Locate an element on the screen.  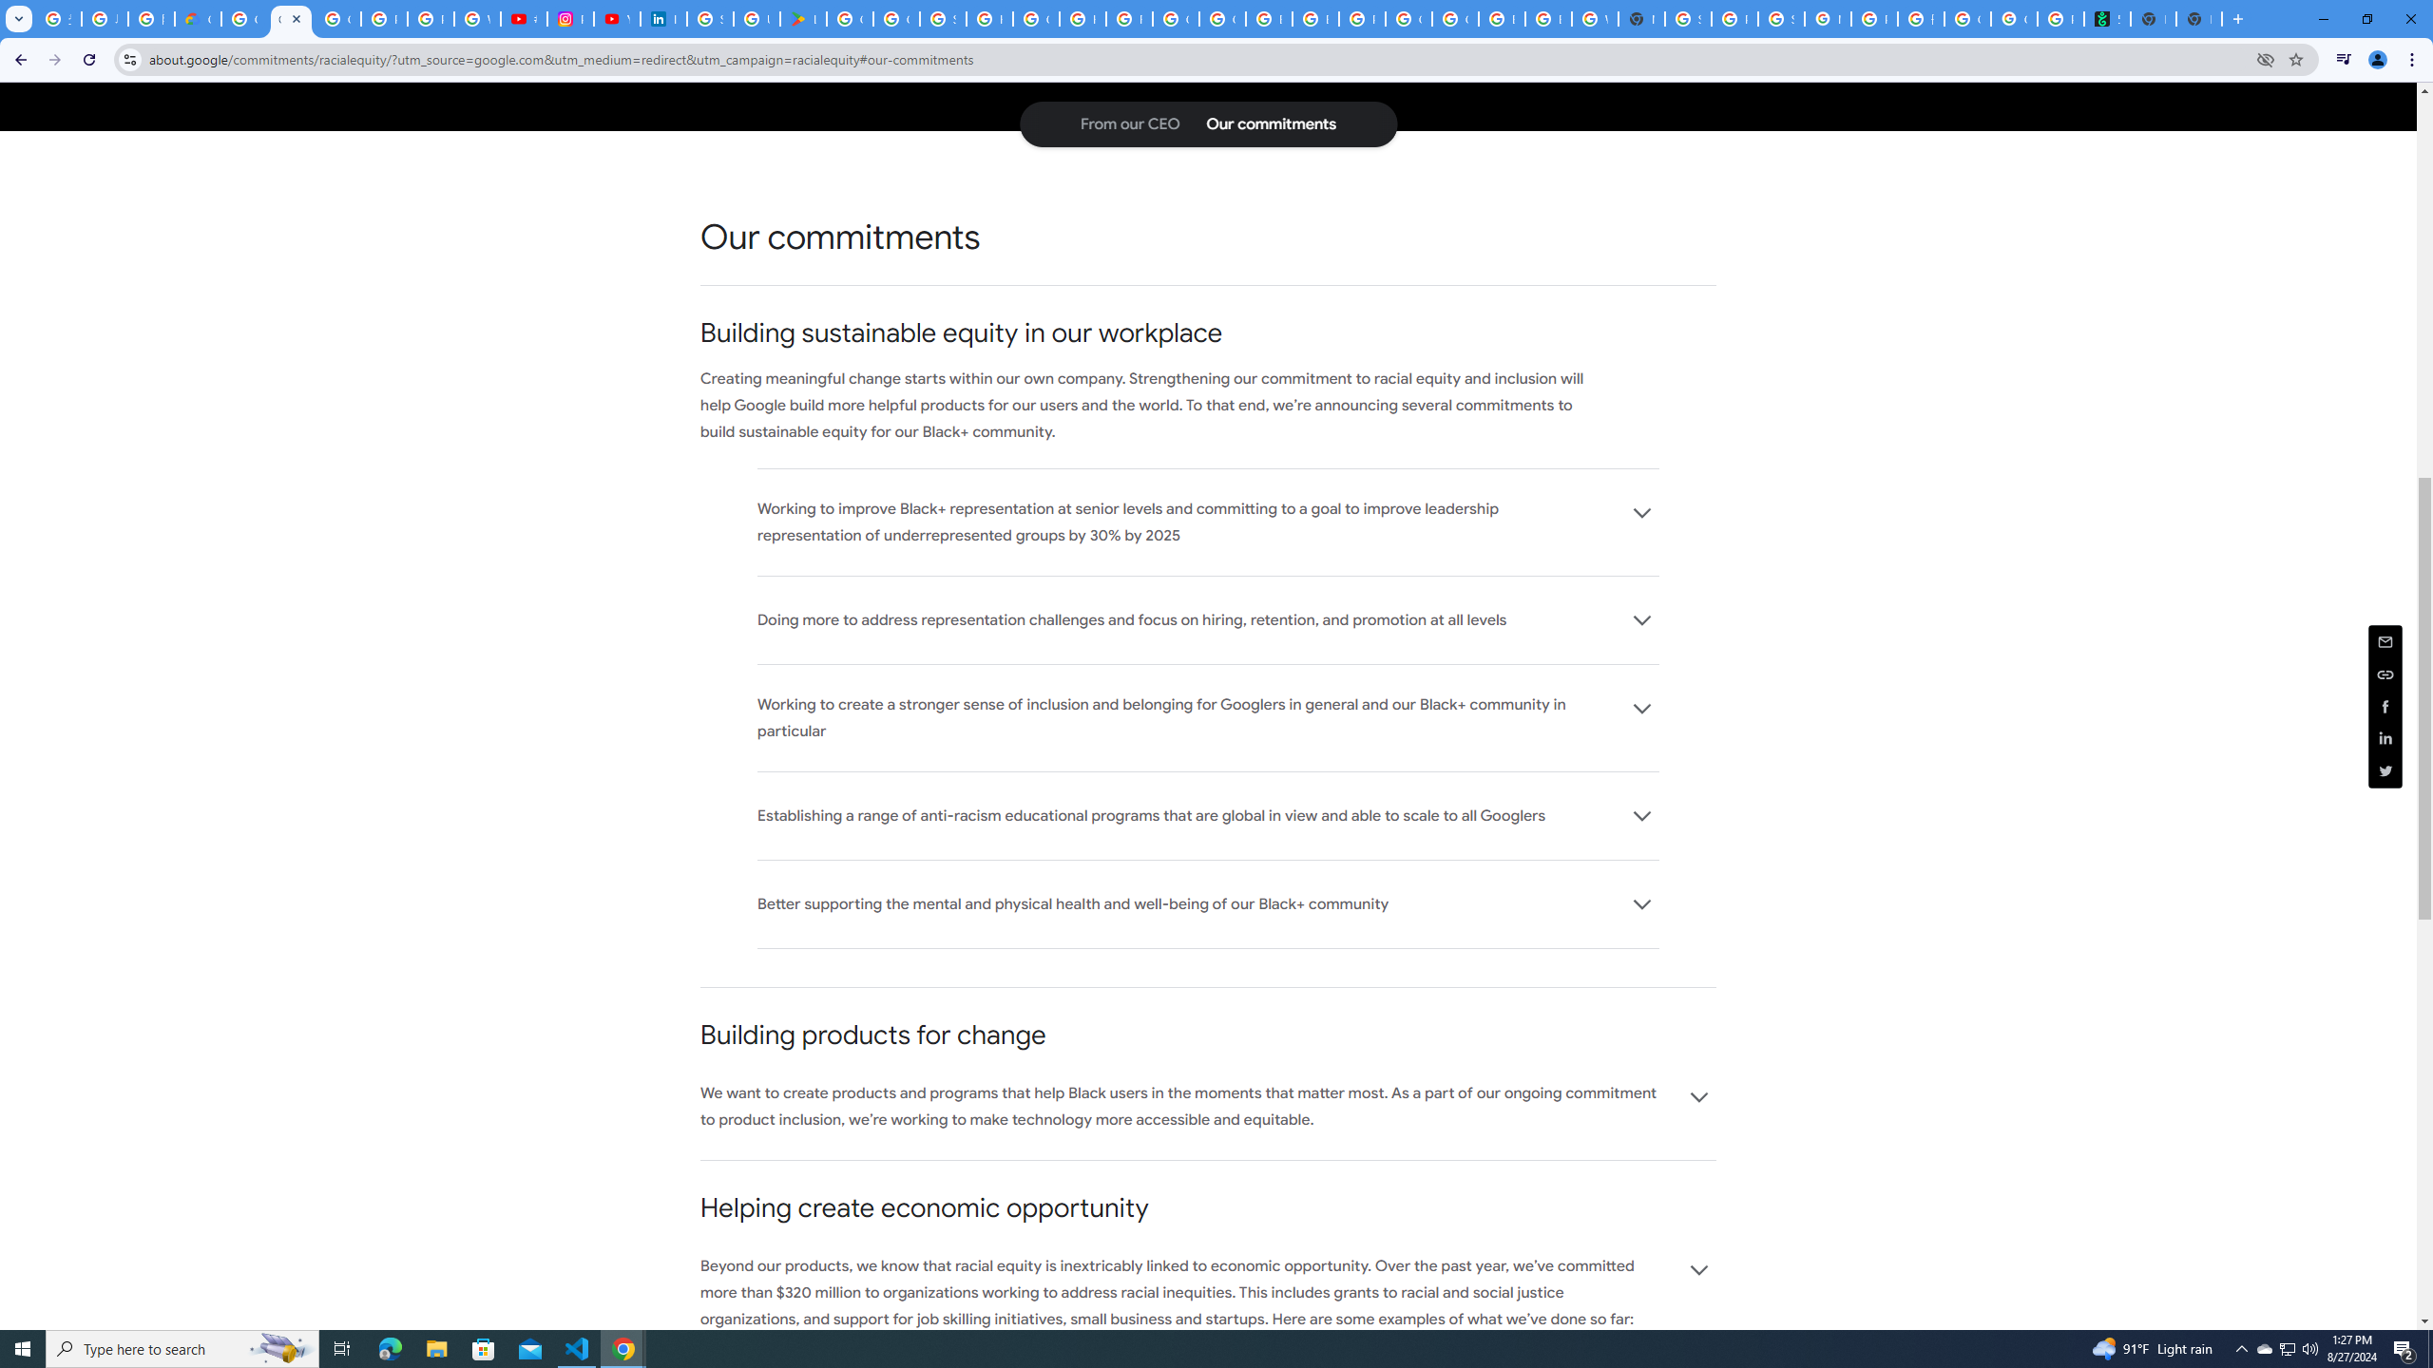
'Share this page (Facebook)' is located at coordinates (2385, 705).